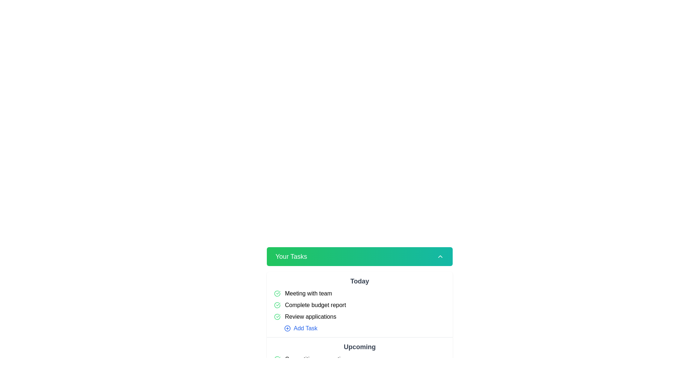  I want to click on text label that displays 'Complete budget report' in the 'Your Tasks' section under 'Today', which is the second item in the to-do list interface, so click(315, 305).